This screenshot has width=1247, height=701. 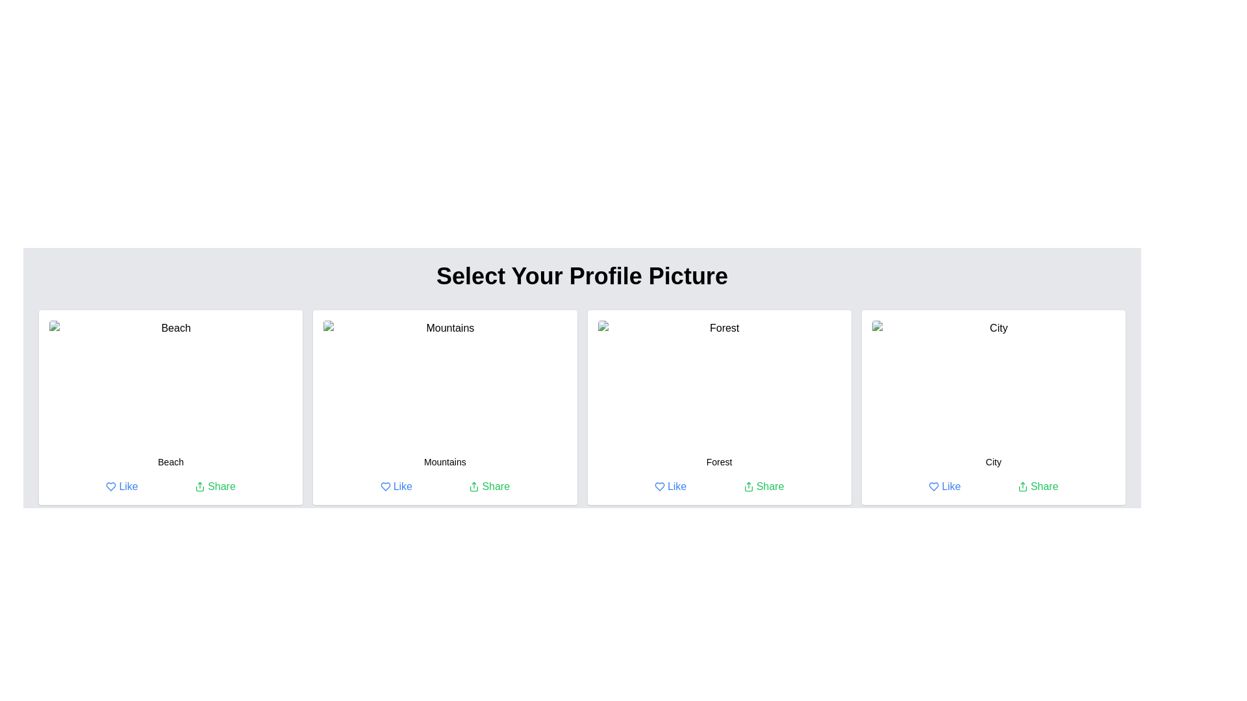 I want to click on the 'Share' button, which features green text and an upward right arrow icon, located in the 'City' section of the interface, so click(x=1037, y=486).